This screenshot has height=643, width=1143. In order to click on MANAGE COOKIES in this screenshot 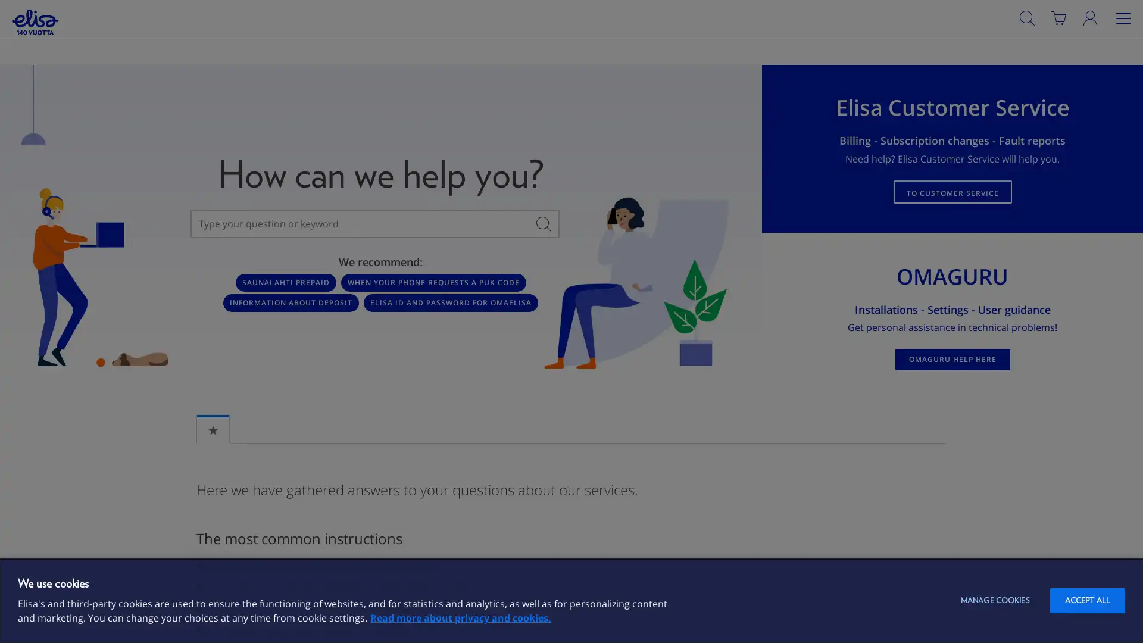, I will do `click(994, 601)`.